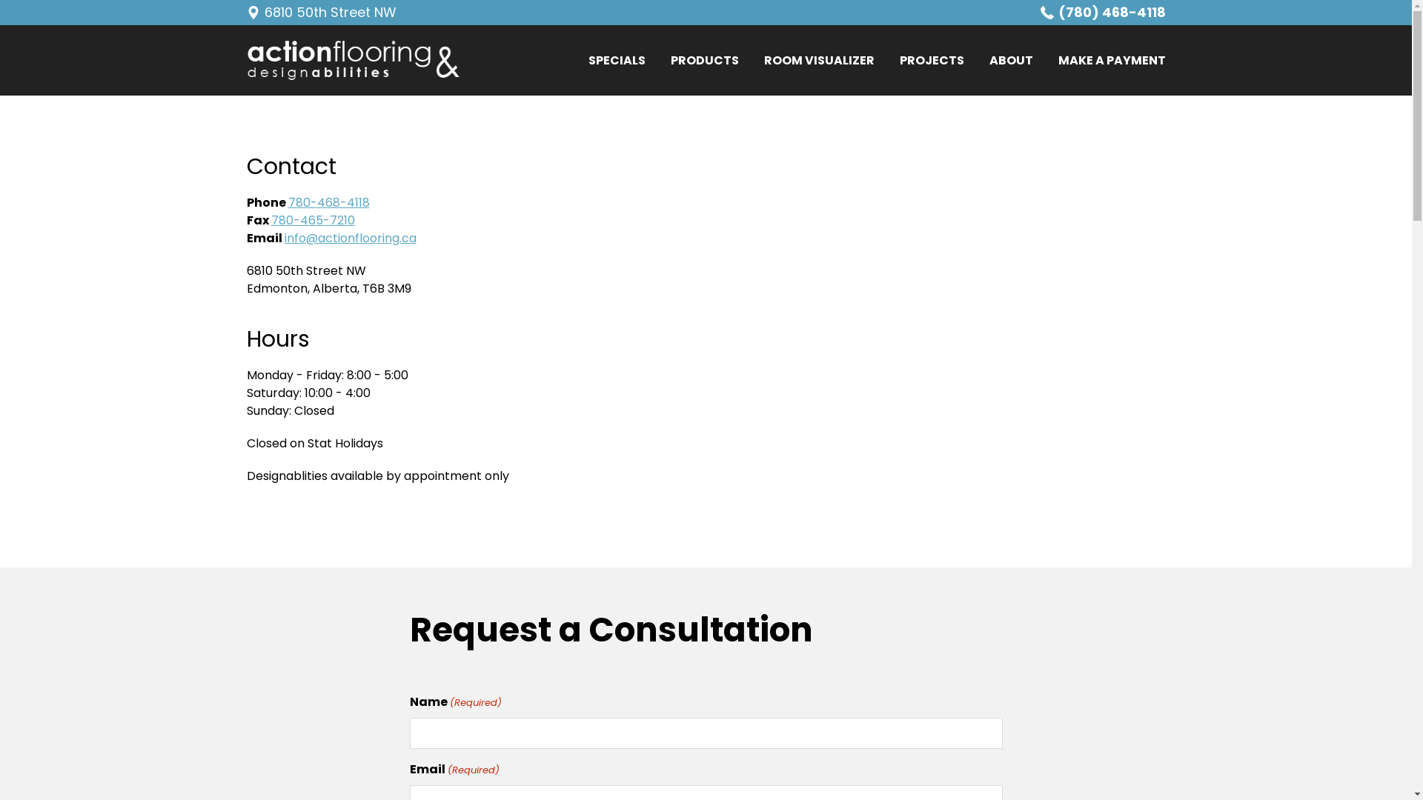  Describe the element at coordinates (1103, 12) in the screenshot. I see `'(780) 468-4118'` at that location.